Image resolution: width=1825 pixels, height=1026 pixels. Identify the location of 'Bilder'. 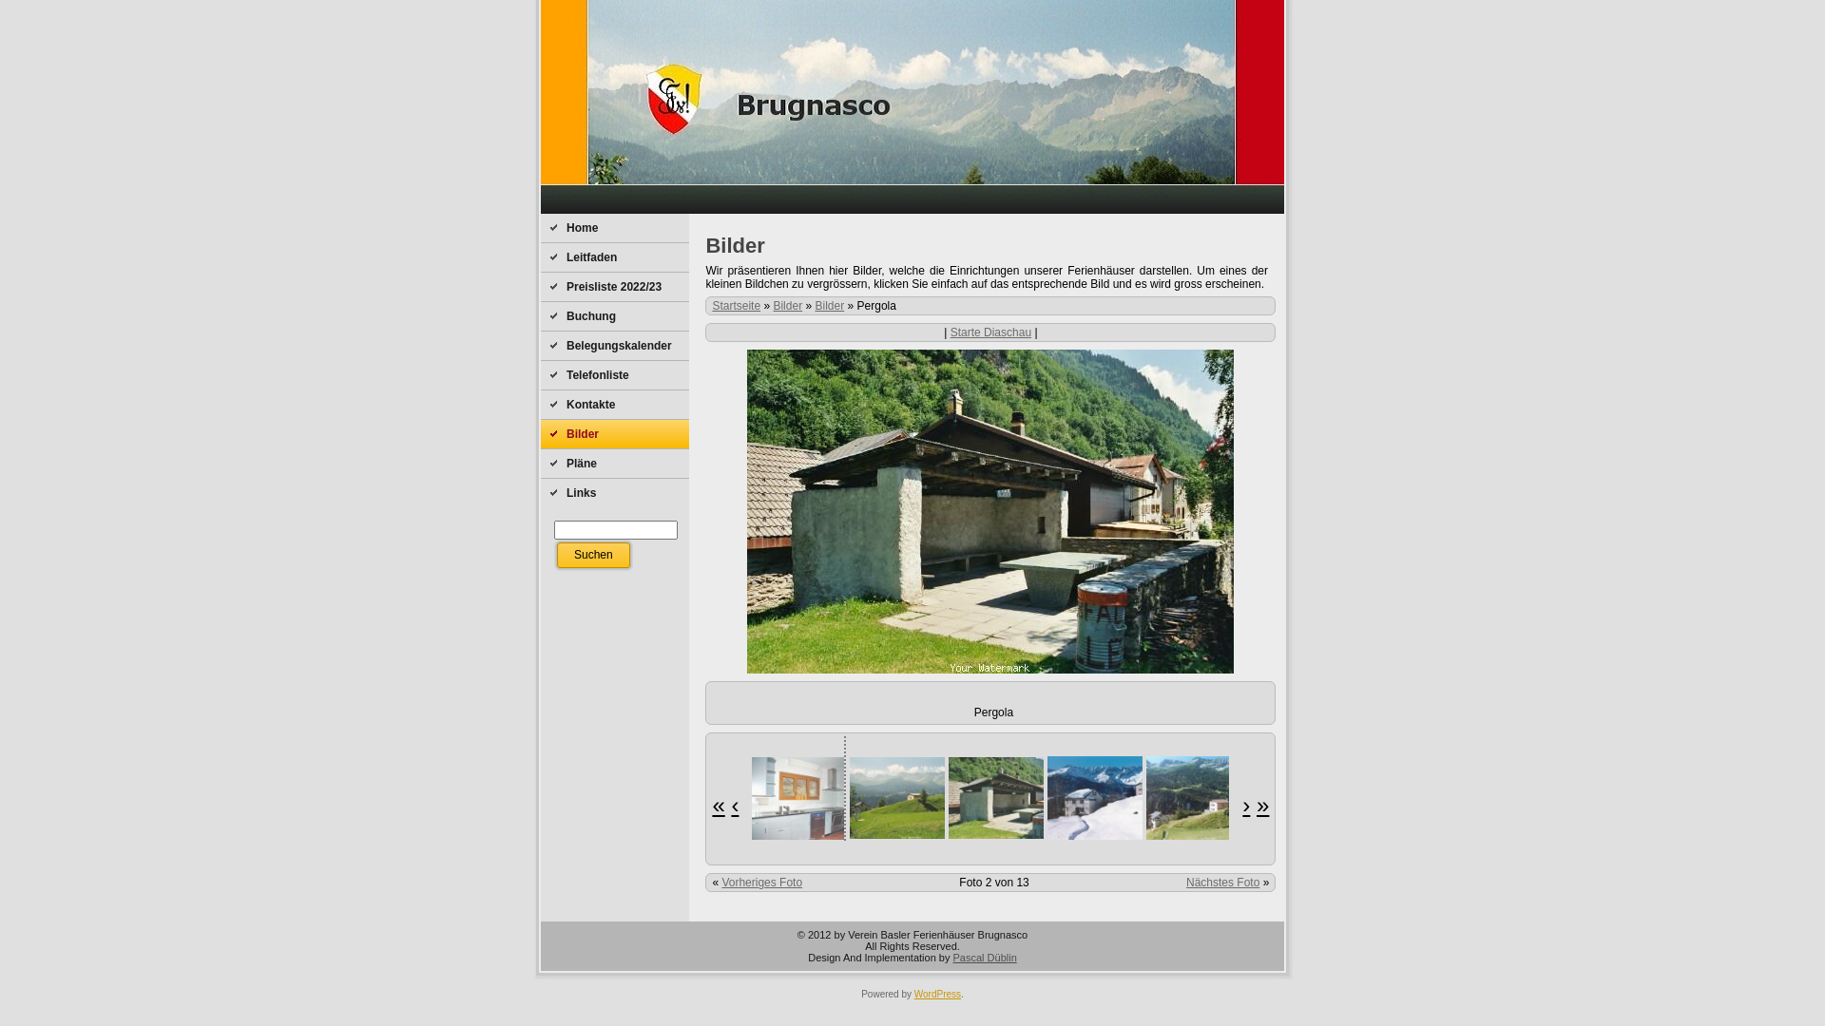
(830, 304).